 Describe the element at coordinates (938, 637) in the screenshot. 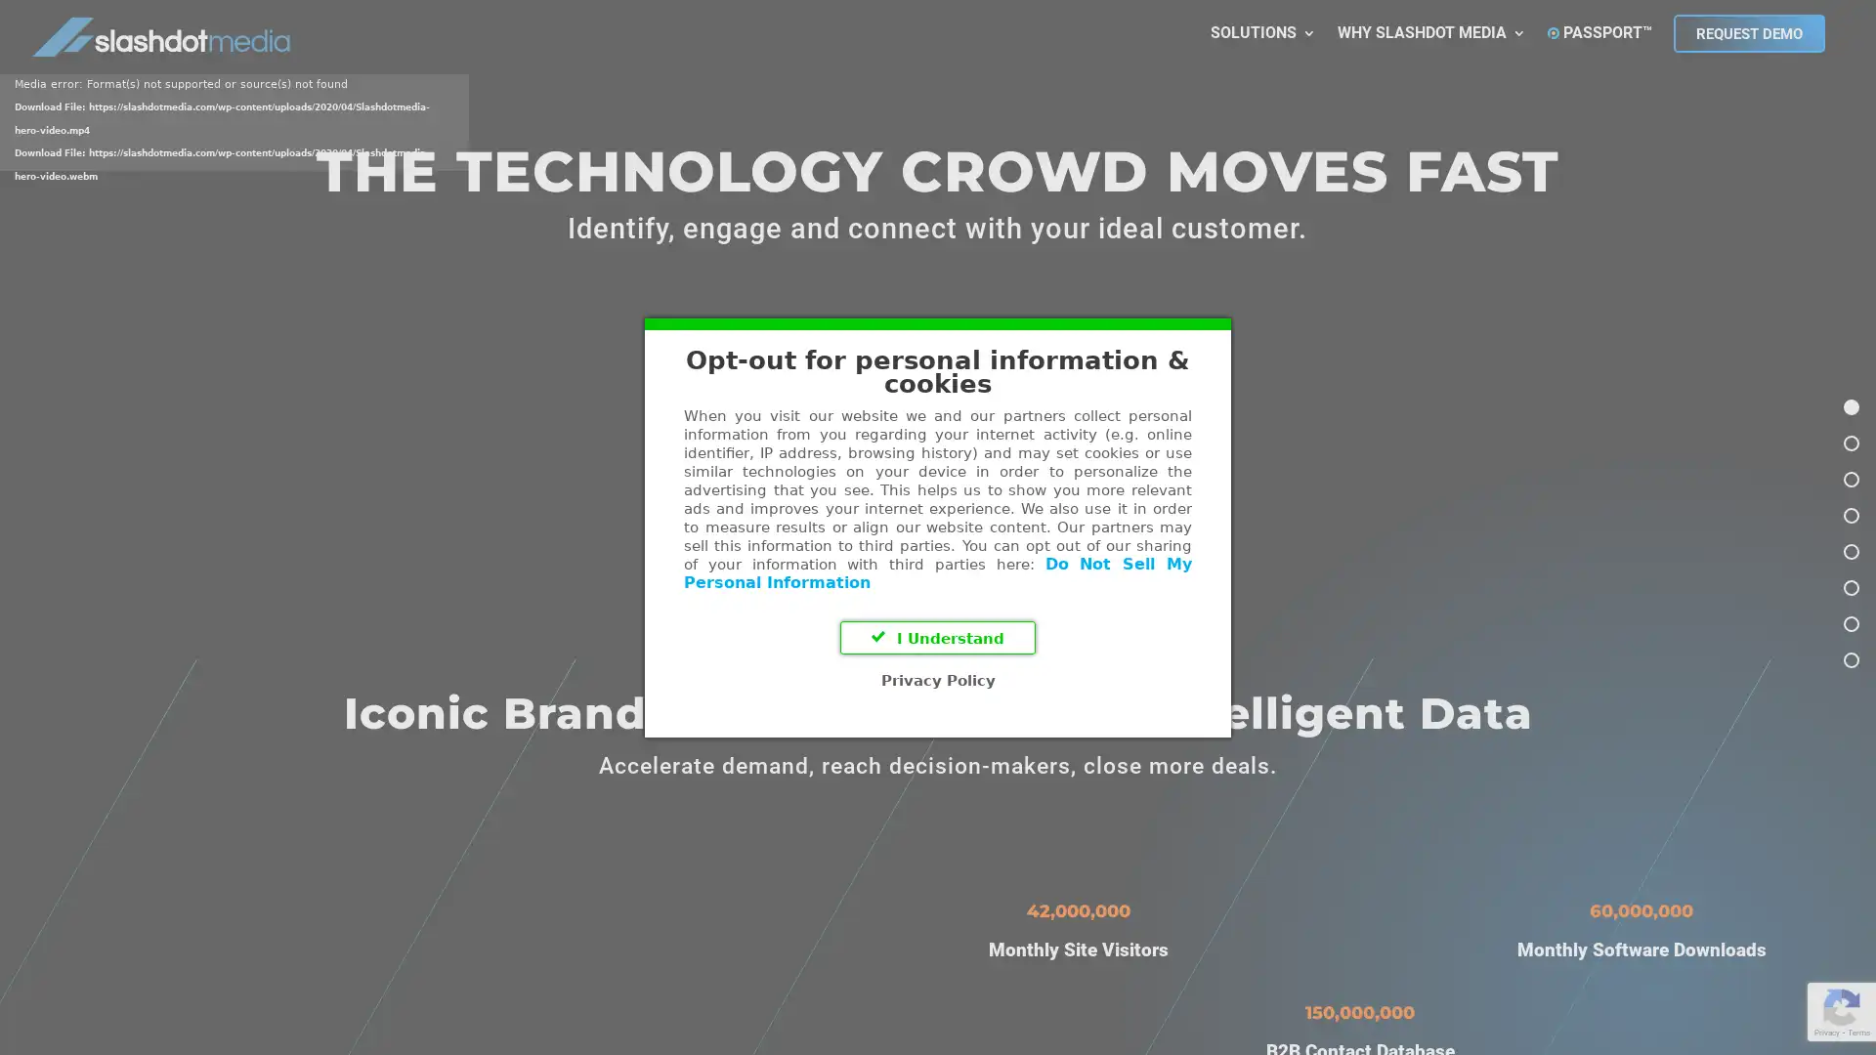

I see `I Understand` at that location.